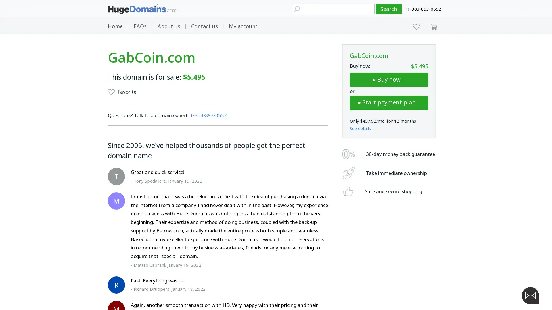 The height and width of the screenshot is (310, 552). I want to click on Search, so click(389, 9).